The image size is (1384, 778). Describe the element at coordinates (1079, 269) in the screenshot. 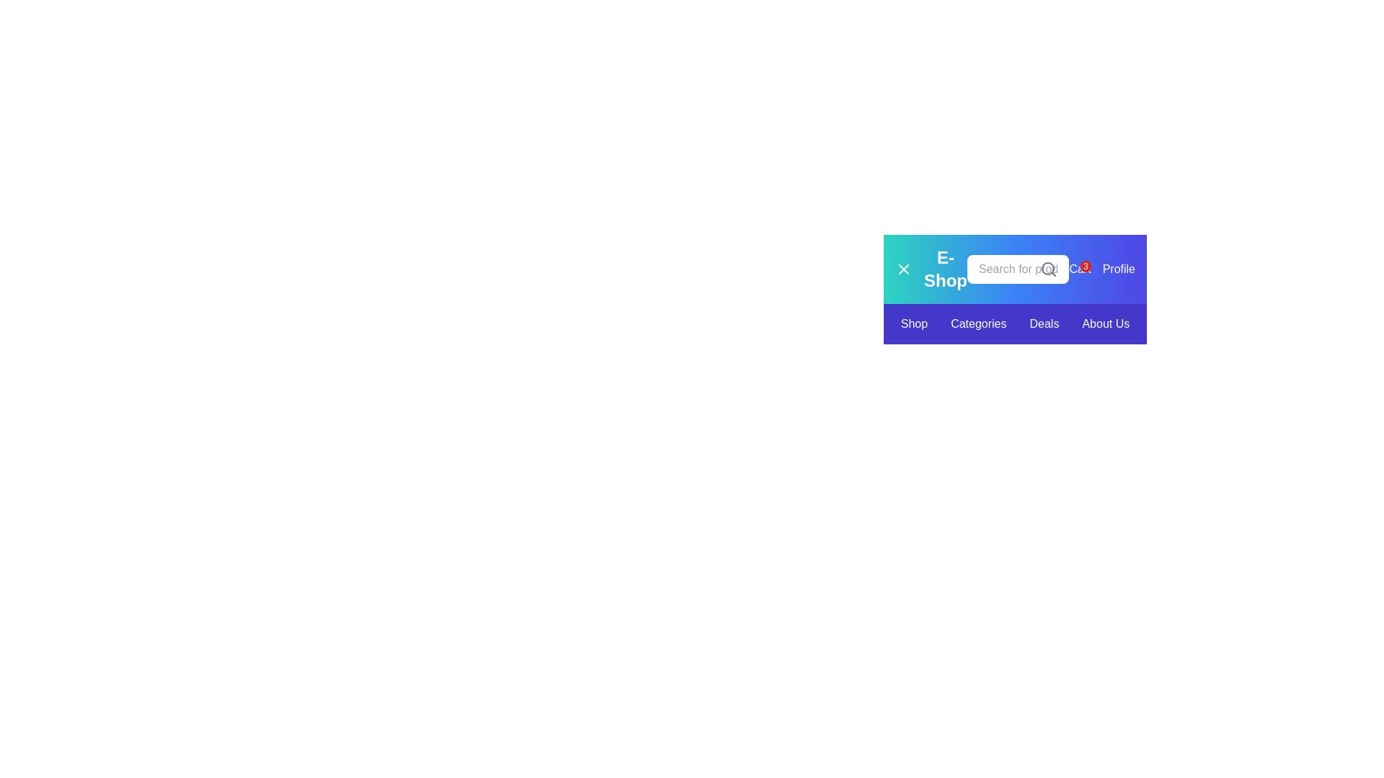

I see `the interactive text link with a notification badge in the upper-right corner to visit the cart` at that location.